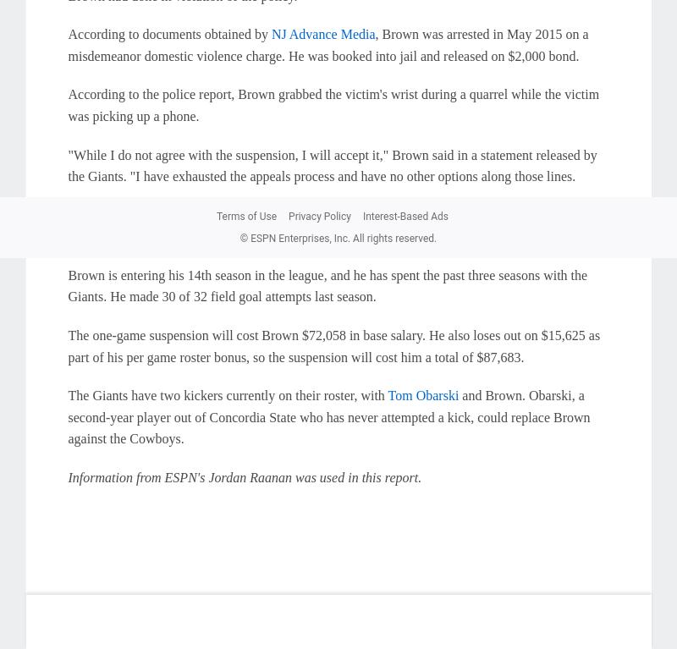 The width and height of the screenshot is (677, 649). Describe the element at coordinates (333, 105) in the screenshot. I see `'According to the police report, Brown grabbed the victim's wrist during a quarrel while the victim was picking up a phone.'` at that location.